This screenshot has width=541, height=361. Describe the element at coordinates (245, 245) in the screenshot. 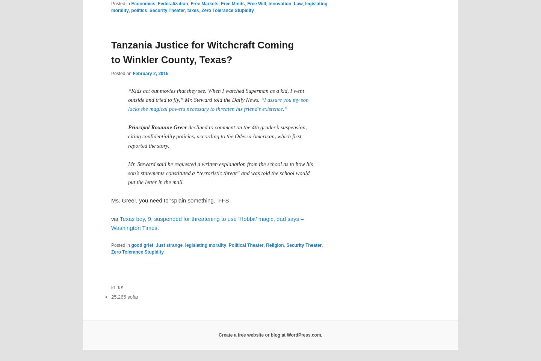

I see `'Political Theater'` at that location.